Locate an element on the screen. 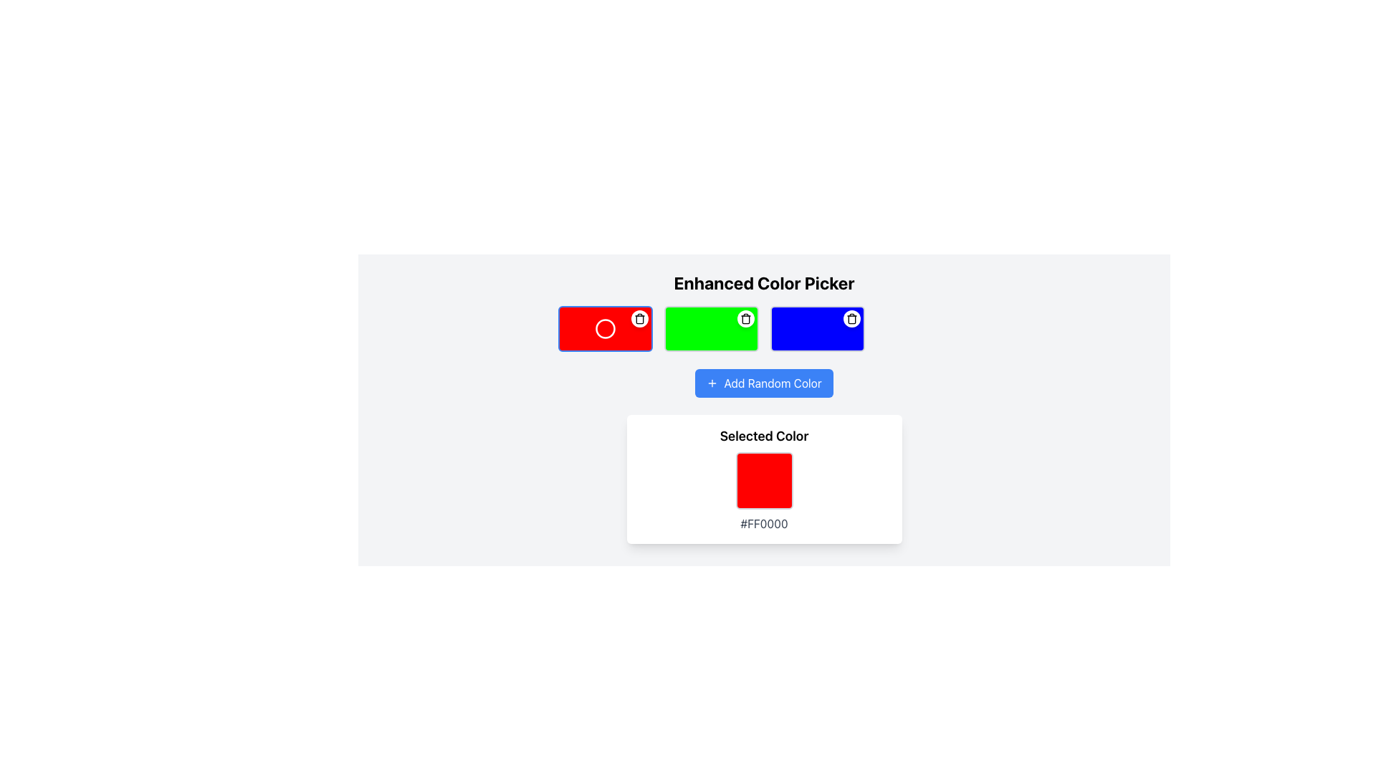 Image resolution: width=1376 pixels, height=774 pixels. the Color Display Indicator, which visually represents the currently selected color and is located within a white card titled 'Selected Color' is located at coordinates (763, 481).